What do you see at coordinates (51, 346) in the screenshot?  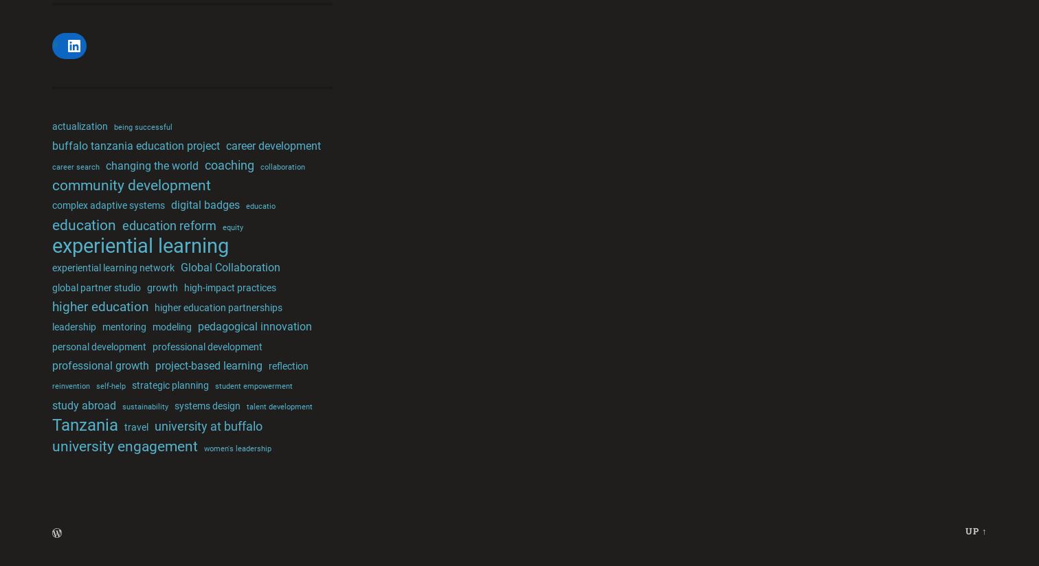 I see `'personal development'` at bounding box center [51, 346].